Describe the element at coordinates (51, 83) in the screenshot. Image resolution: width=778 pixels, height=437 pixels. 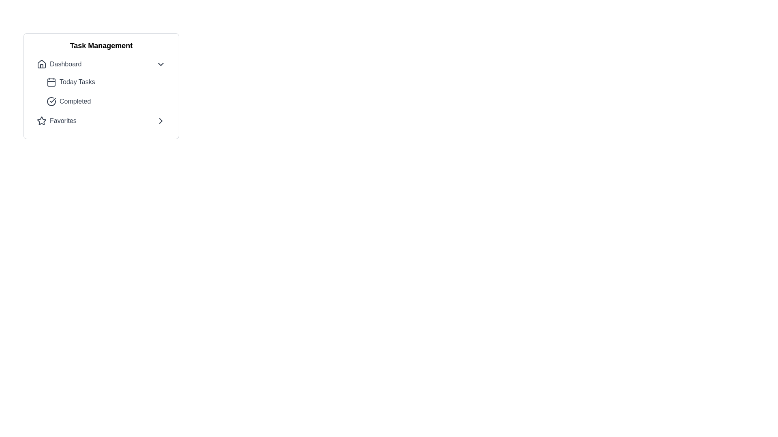
I see `the graphical component representing the main body of the calendar icon located in the sidebar menu, positioned to the left of the 'Today Tasks' menu label` at that location.